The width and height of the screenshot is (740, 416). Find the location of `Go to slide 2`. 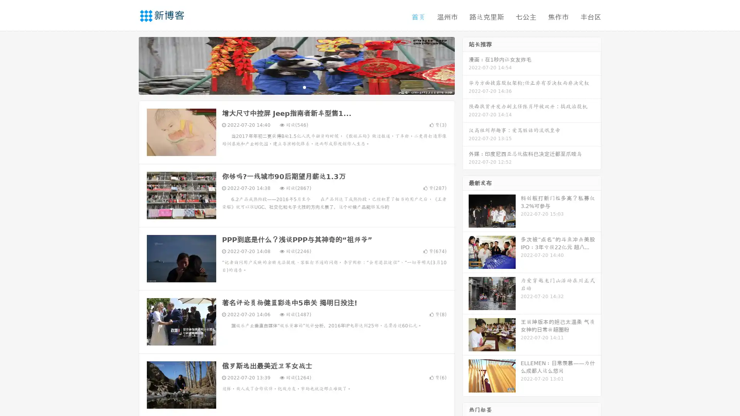

Go to slide 2 is located at coordinates (296, 87).